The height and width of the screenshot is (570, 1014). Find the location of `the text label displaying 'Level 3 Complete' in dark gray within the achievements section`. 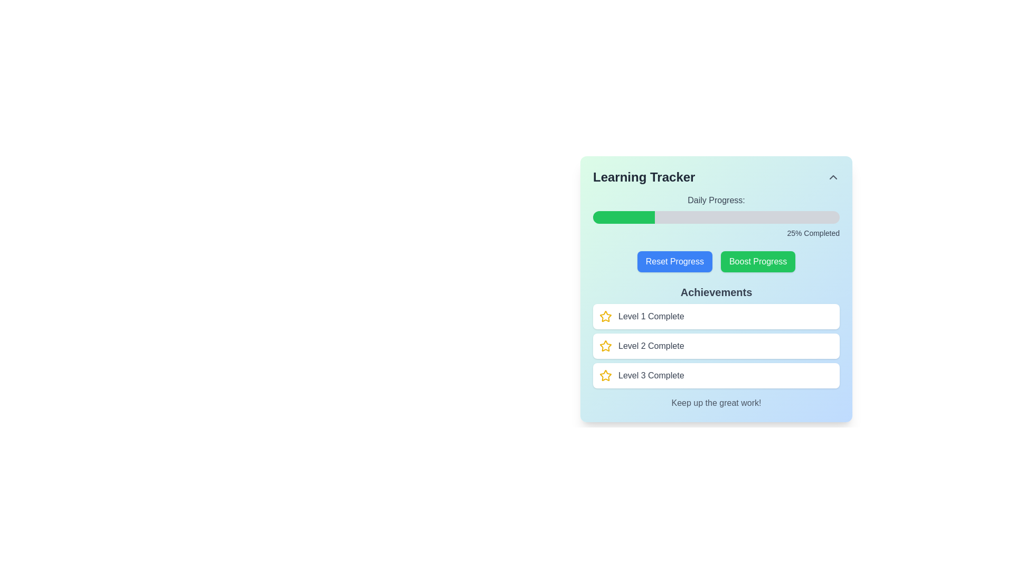

the text label displaying 'Level 3 Complete' in dark gray within the achievements section is located at coordinates (651, 375).